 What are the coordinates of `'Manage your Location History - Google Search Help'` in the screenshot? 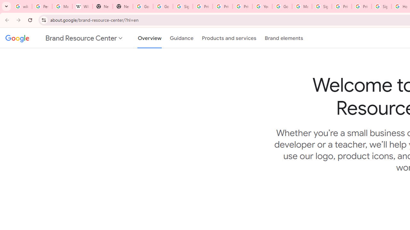 It's located at (62, 6).